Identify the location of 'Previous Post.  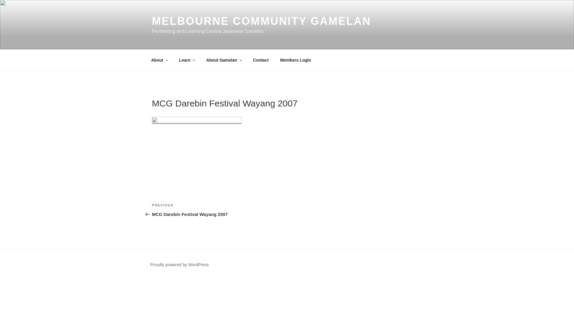
(219, 210).